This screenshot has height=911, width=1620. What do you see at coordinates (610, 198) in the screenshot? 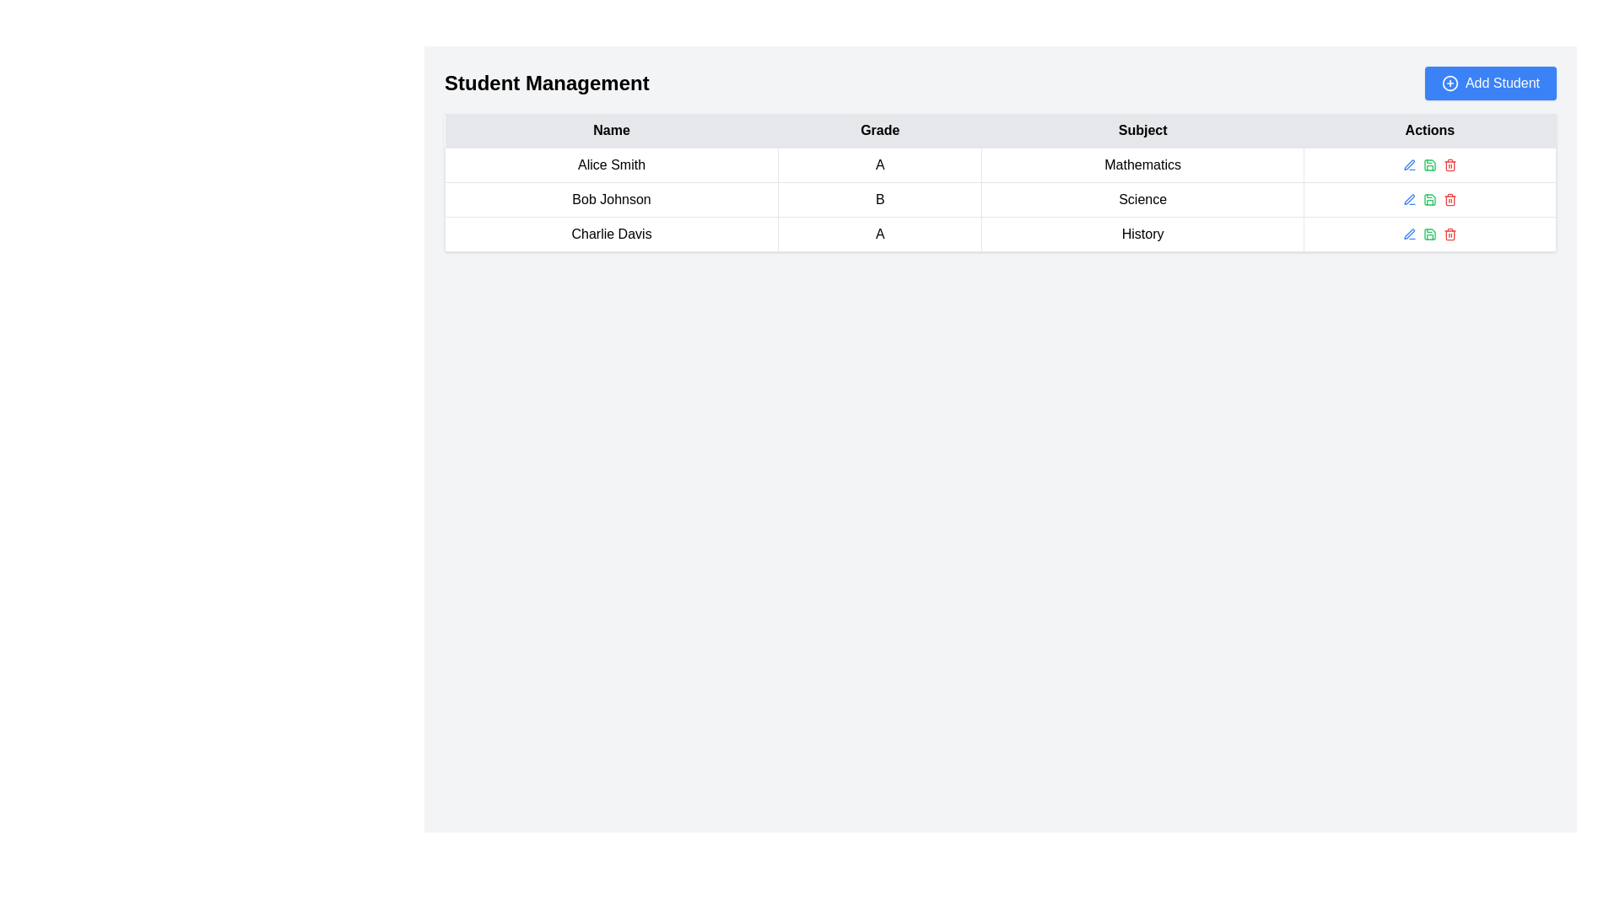
I see `text content of the Text Display Field displaying 'Bob Johnson' in the second row of the 'Student Management' table` at bounding box center [610, 198].